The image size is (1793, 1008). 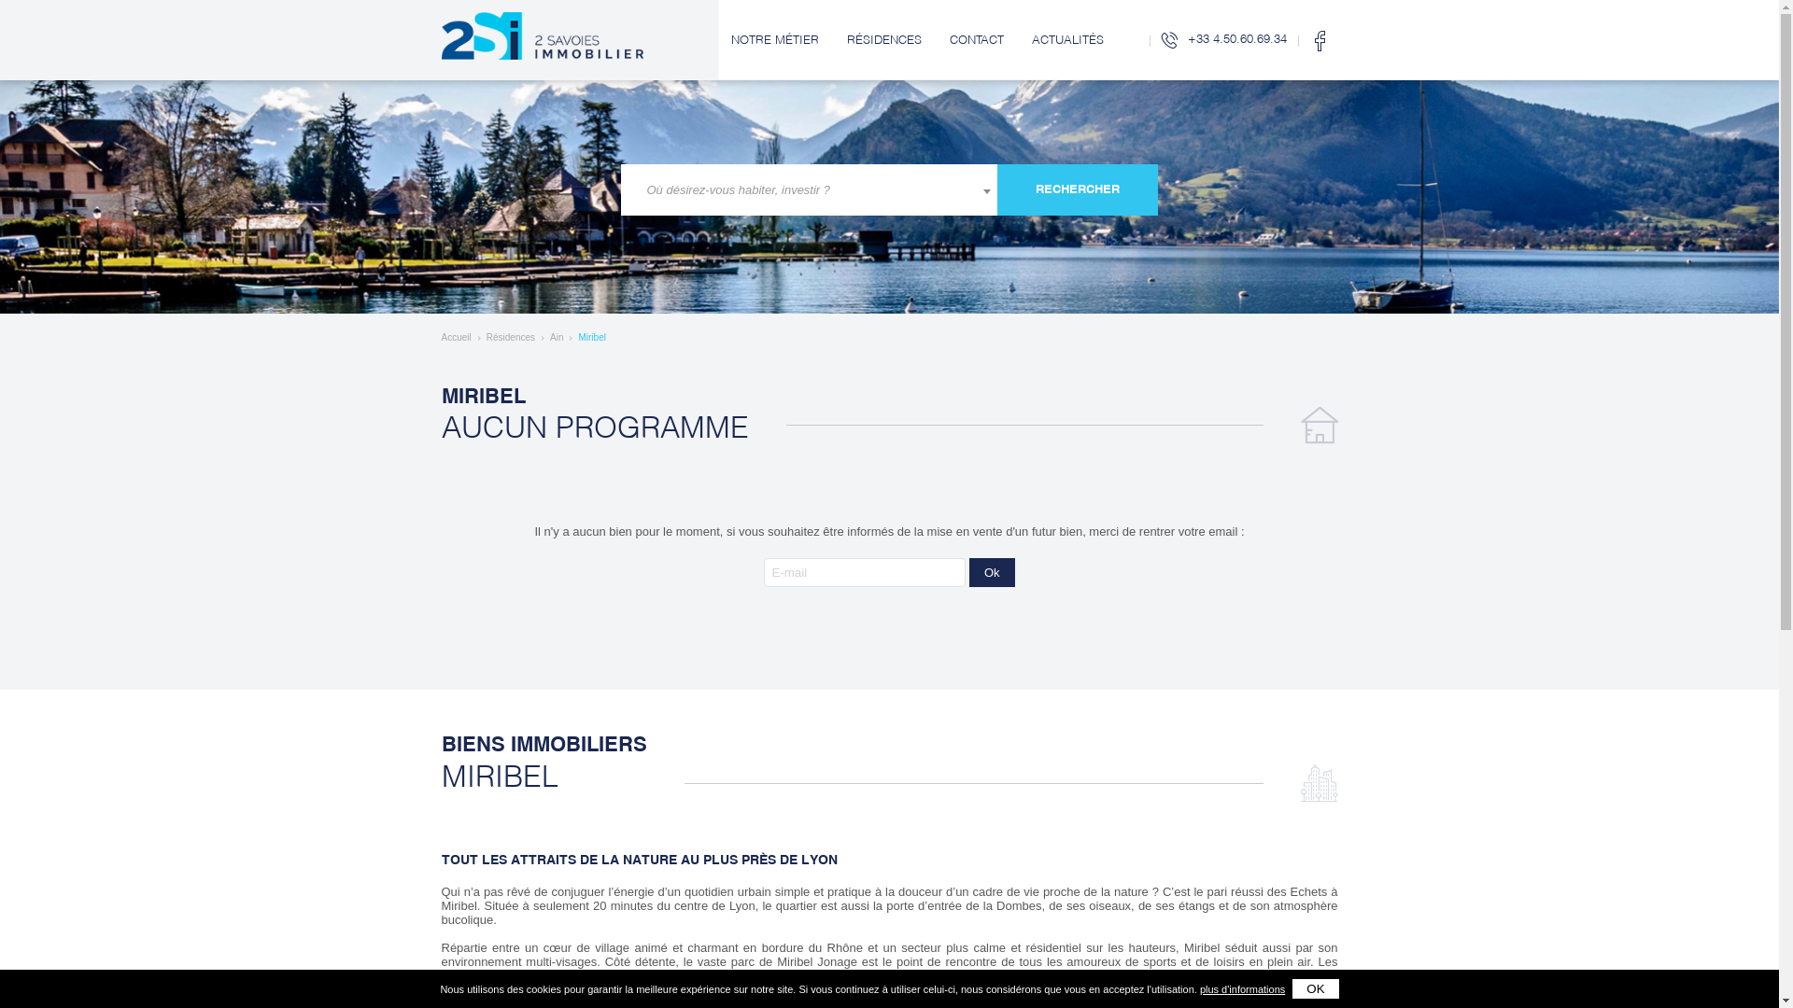 I want to click on 'Ok', so click(x=991, y=571).